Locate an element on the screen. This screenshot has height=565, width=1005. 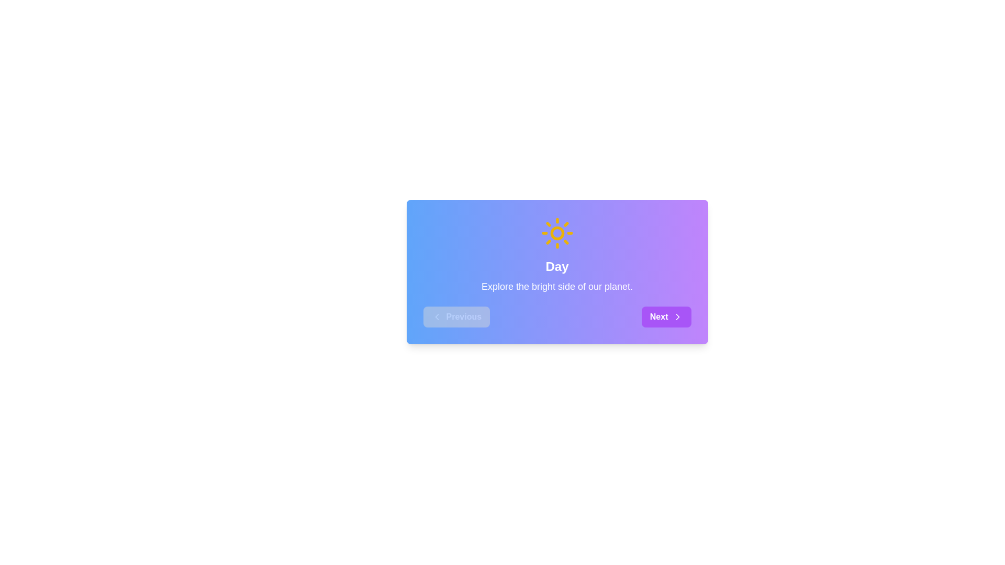
the 'Next' button which contains a rightward-pointing chevron icon to proceed is located at coordinates (677, 316).